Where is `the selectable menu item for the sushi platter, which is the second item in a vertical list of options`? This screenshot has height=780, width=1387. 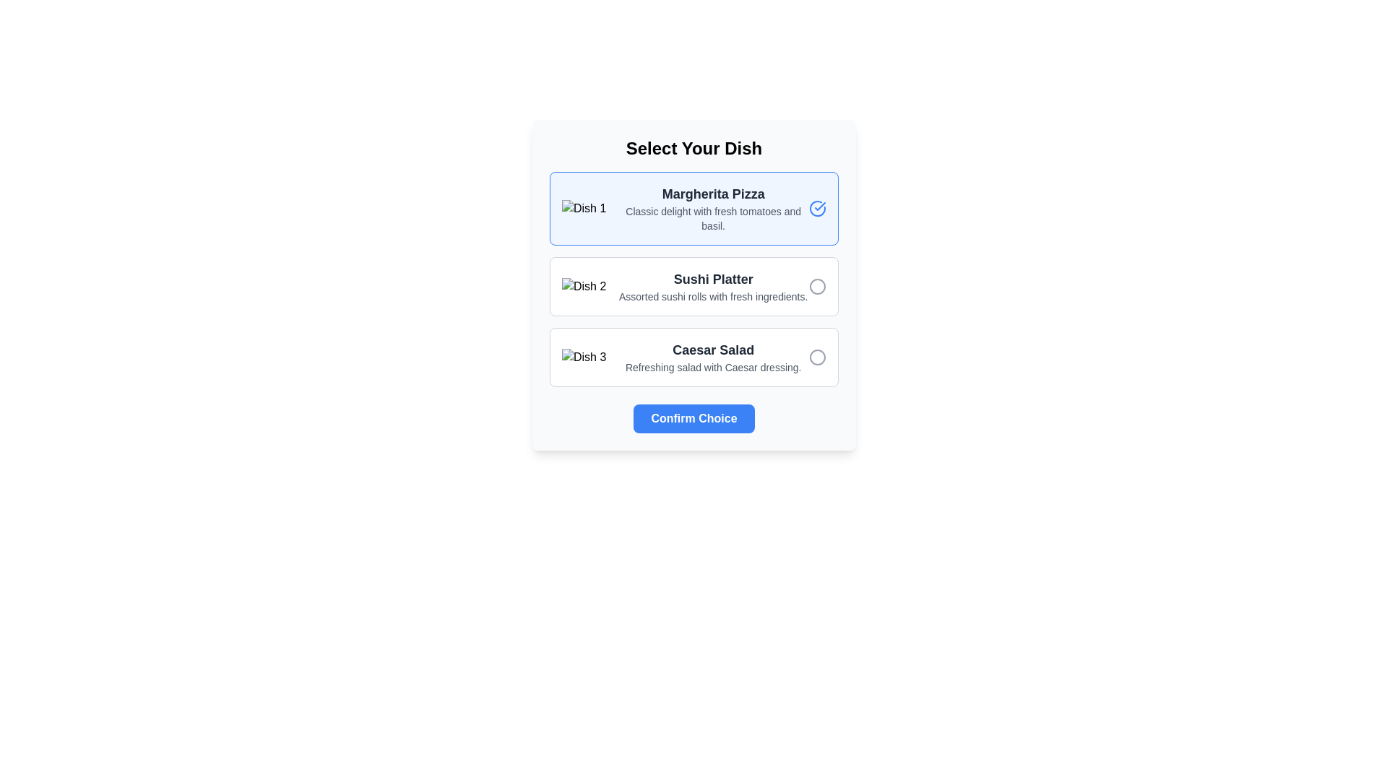 the selectable menu item for the sushi platter, which is the second item in a vertical list of options is located at coordinates (693, 287).